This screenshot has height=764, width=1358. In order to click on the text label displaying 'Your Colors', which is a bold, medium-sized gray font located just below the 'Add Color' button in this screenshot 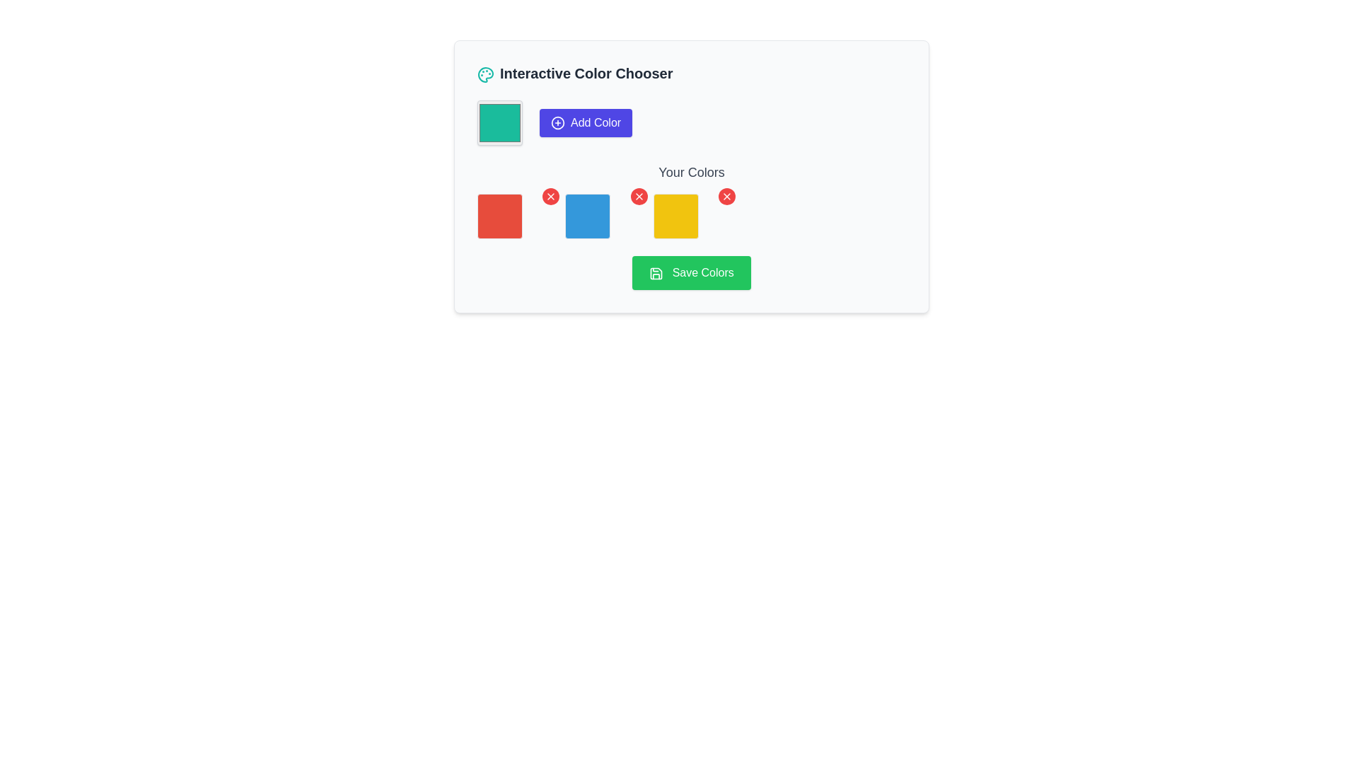, I will do `click(692, 171)`.